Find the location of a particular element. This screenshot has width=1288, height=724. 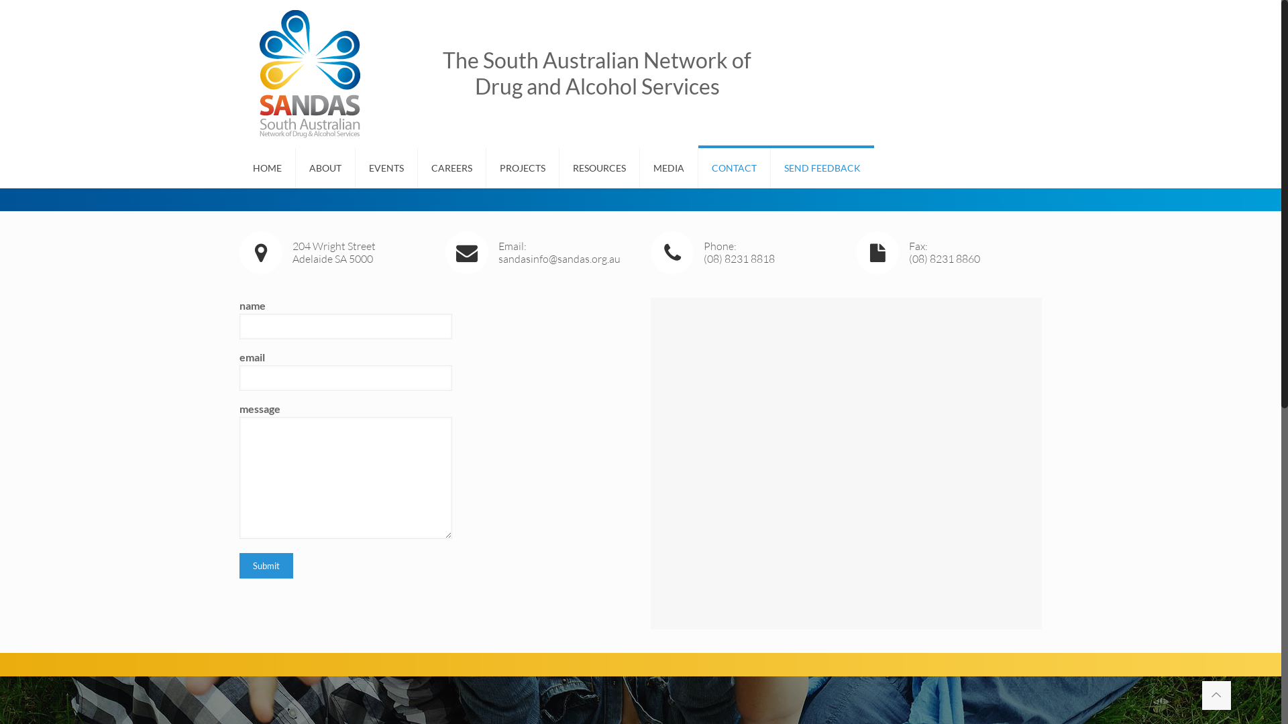

'Phone: is located at coordinates (743, 253).